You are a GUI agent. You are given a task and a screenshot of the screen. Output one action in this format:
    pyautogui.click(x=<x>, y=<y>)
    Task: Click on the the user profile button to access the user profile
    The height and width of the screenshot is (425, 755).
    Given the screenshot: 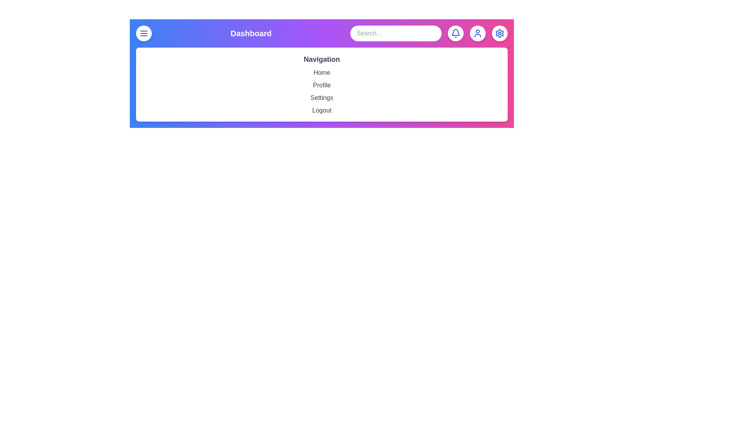 What is the action you would take?
    pyautogui.click(x=477, y=33)
    